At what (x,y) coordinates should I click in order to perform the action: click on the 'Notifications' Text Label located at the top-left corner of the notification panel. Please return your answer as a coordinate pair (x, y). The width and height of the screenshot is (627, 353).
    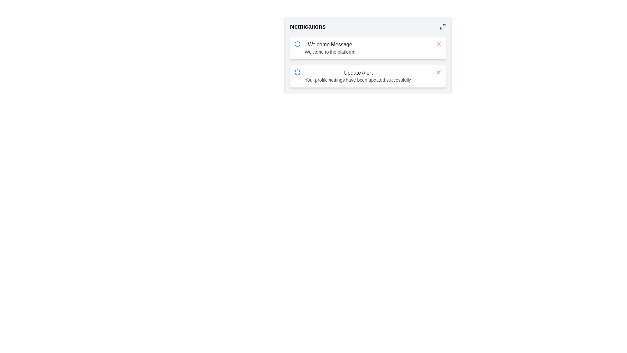
    Looking at the image, I should click on (307, 26).